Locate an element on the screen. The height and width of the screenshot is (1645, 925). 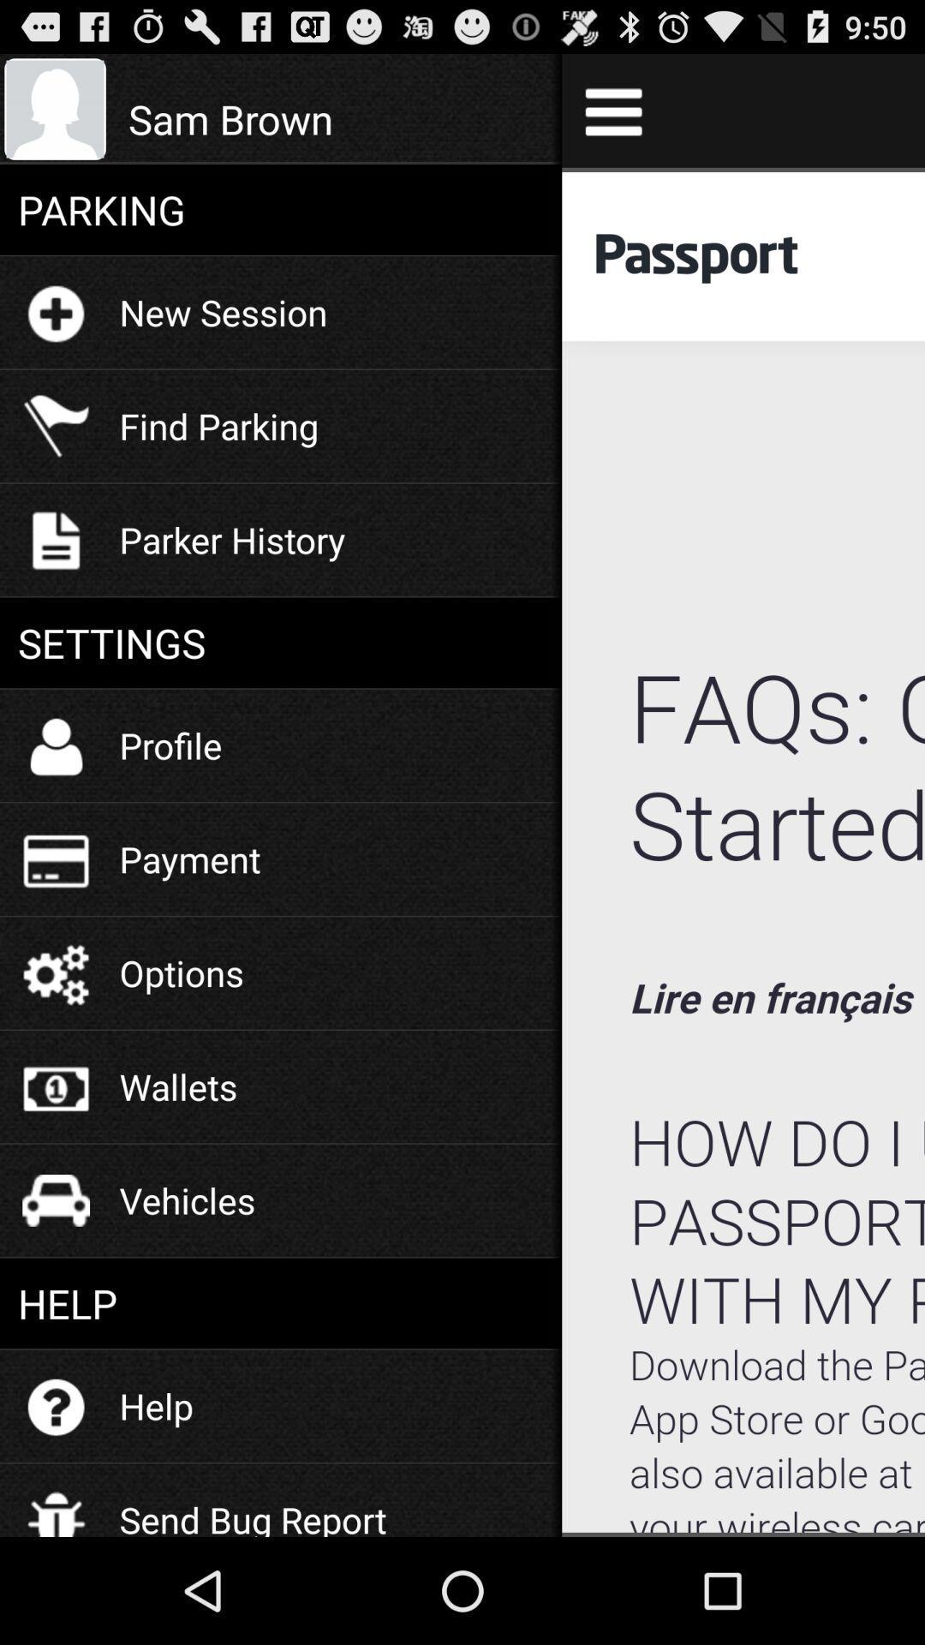
the send bug report icon is located at coordinates (253, 1506).